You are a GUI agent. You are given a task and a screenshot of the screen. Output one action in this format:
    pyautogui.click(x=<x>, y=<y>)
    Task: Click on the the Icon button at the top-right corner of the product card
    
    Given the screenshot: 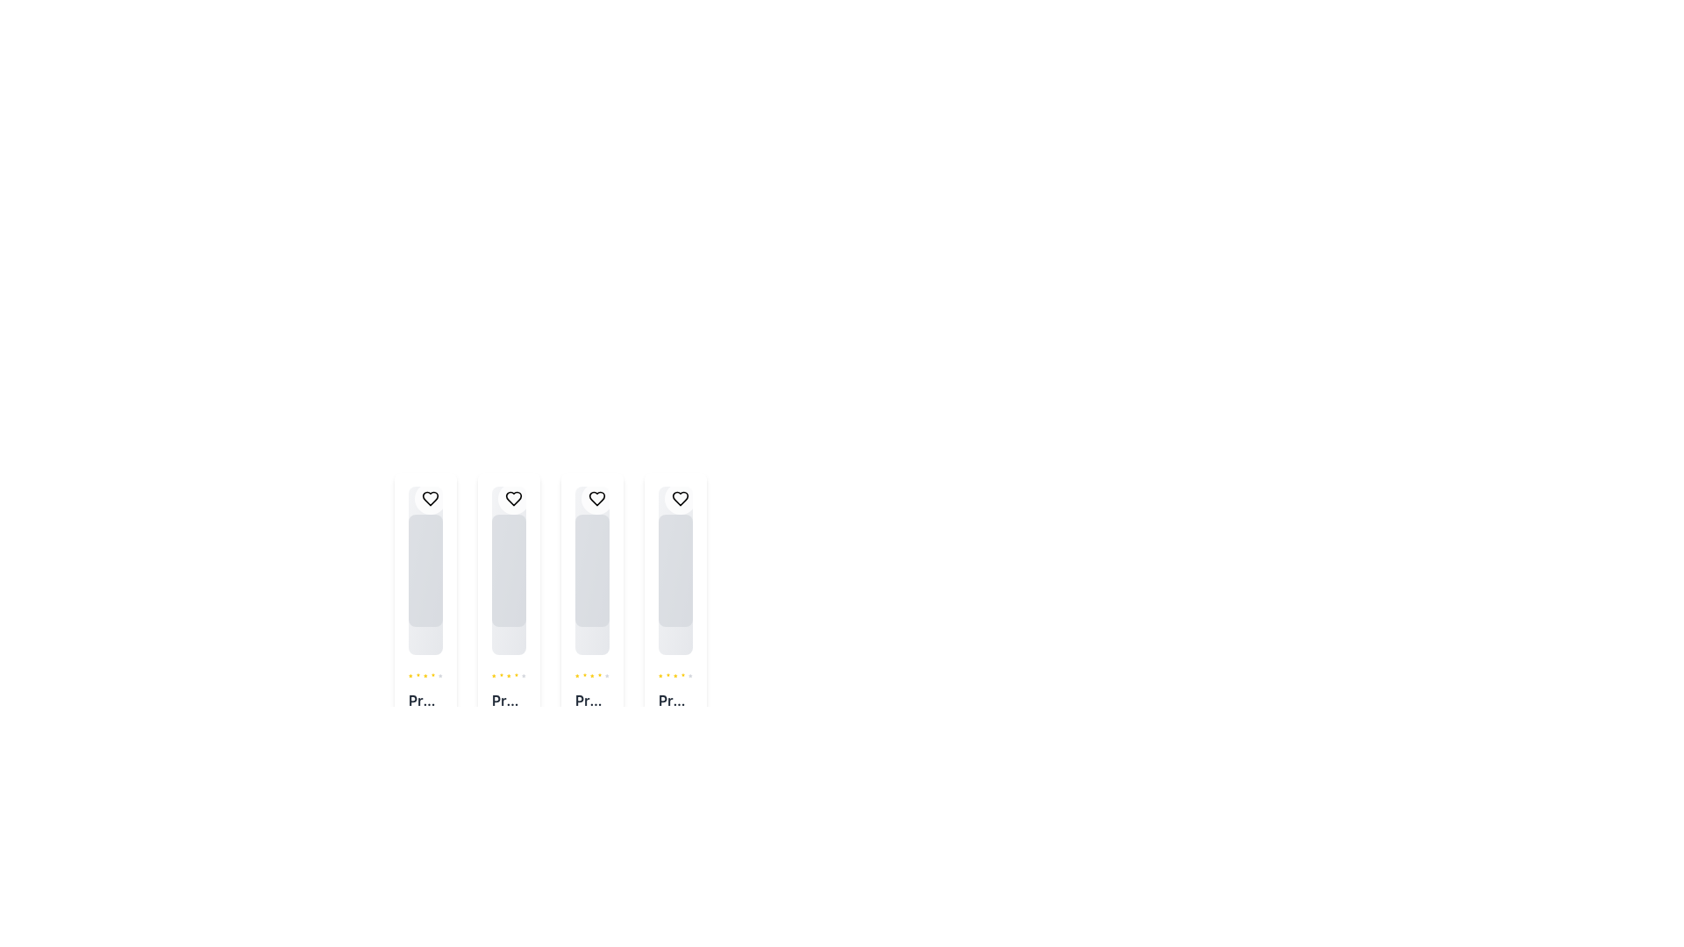 What is the action you would take?
    pyautogui.click(x=680, y=499)
    